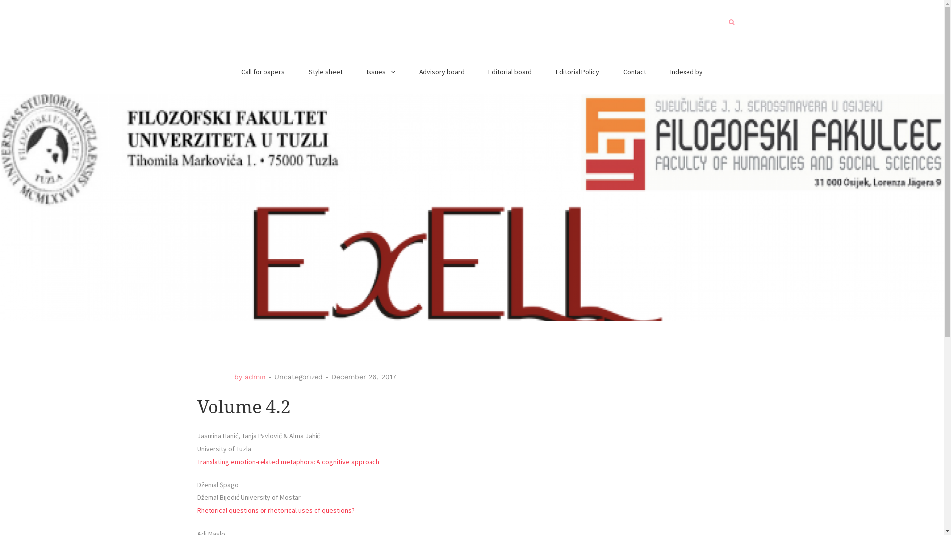 The image size is (951, 535). What do you see at coordinates (262, 72) in the screenshot?
I see `'Call for papers'` at bounding box center [262, 72].